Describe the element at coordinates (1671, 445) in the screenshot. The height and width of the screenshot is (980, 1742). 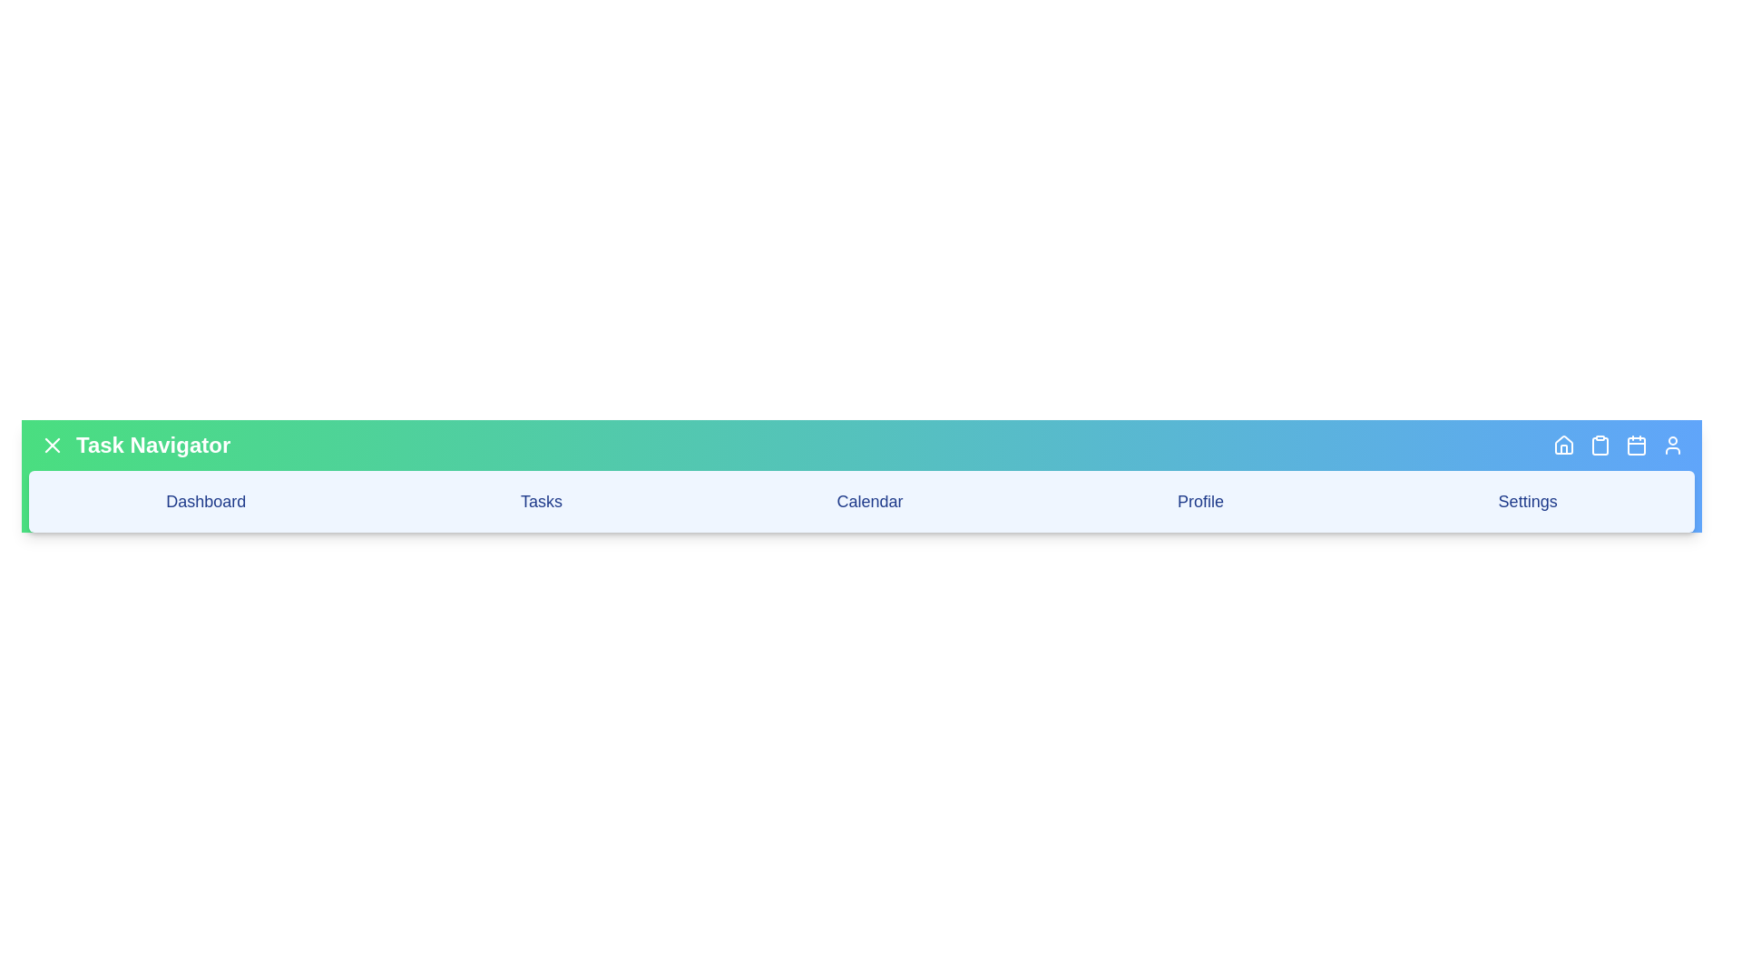
I see `the 'User' button in the app bar` at that location.